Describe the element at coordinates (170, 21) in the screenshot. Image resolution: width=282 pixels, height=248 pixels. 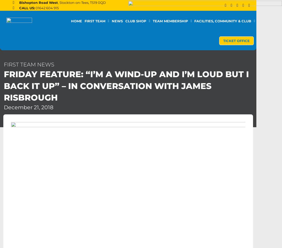
I see `'Team Membership'` at that location.